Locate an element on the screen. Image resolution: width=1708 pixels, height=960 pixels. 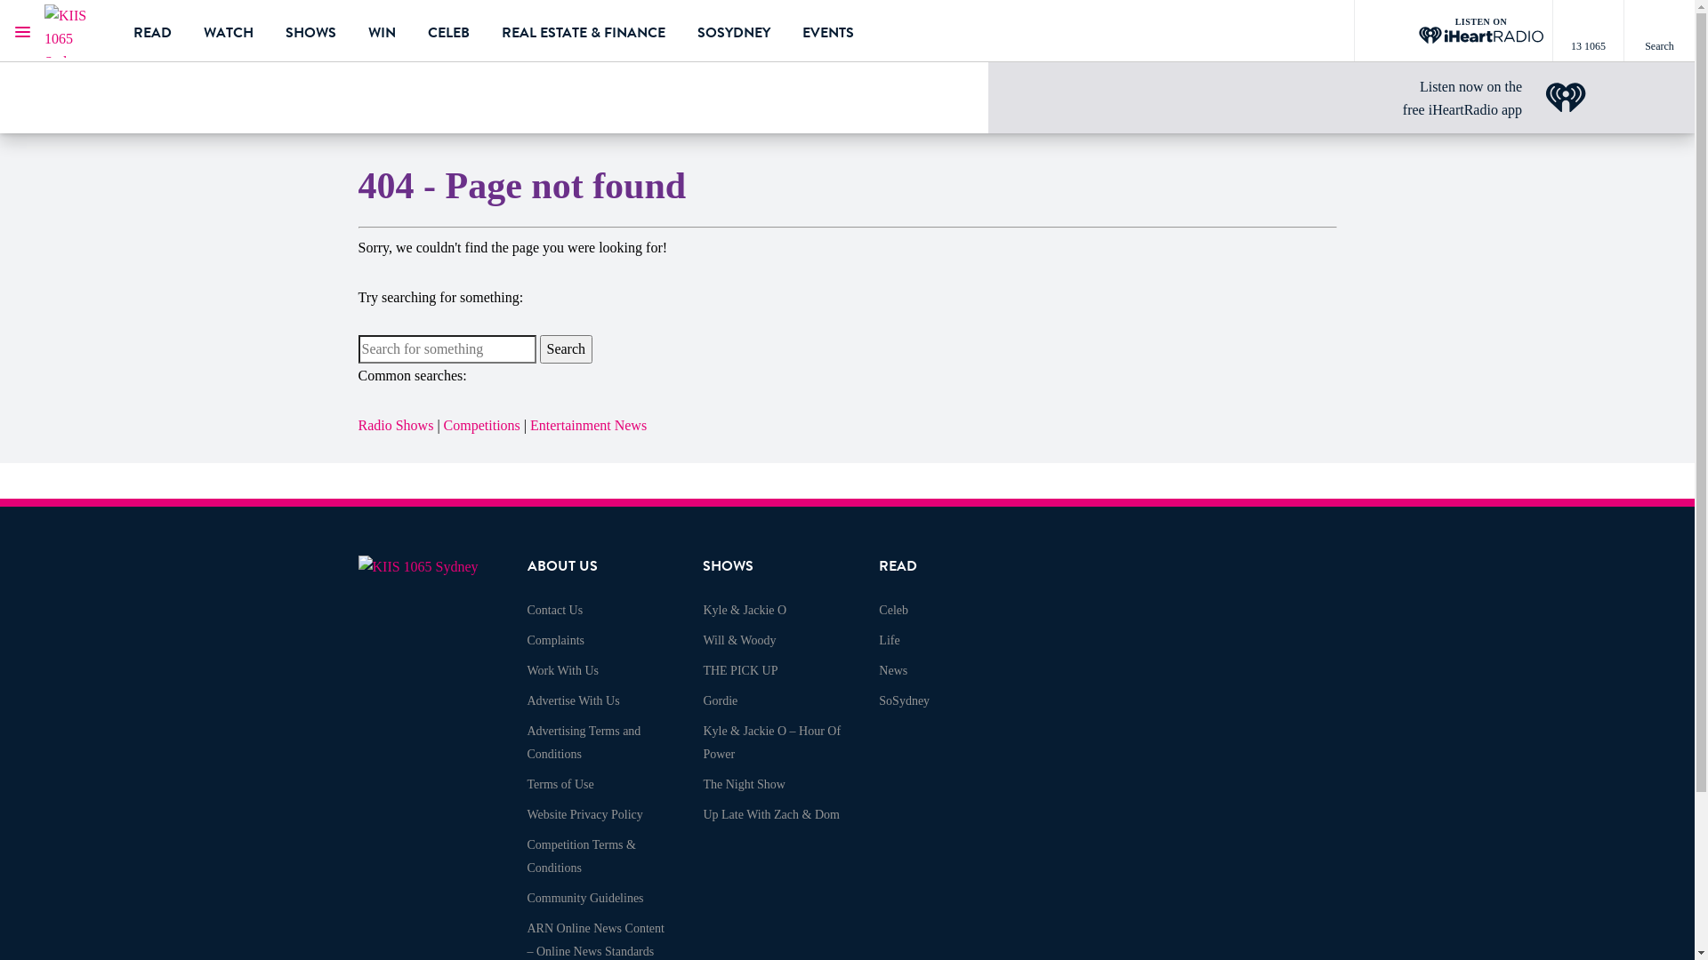
'WATCH' is located at coordinates (204, 30).